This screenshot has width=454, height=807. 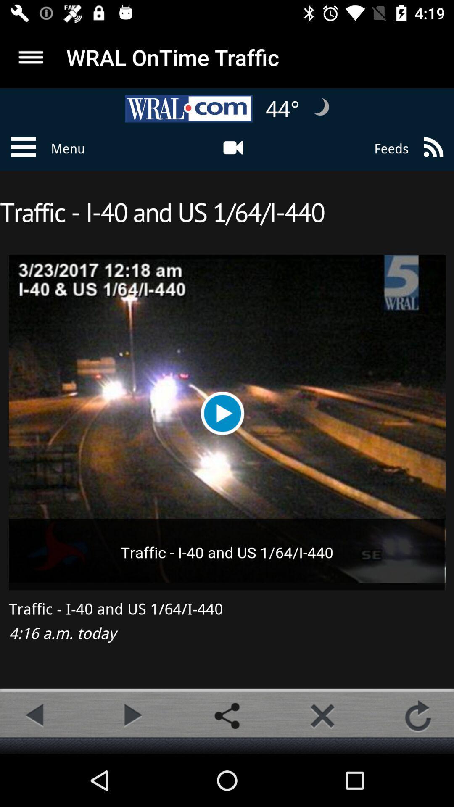 I want to click on forward, so click(x=131, y=715).